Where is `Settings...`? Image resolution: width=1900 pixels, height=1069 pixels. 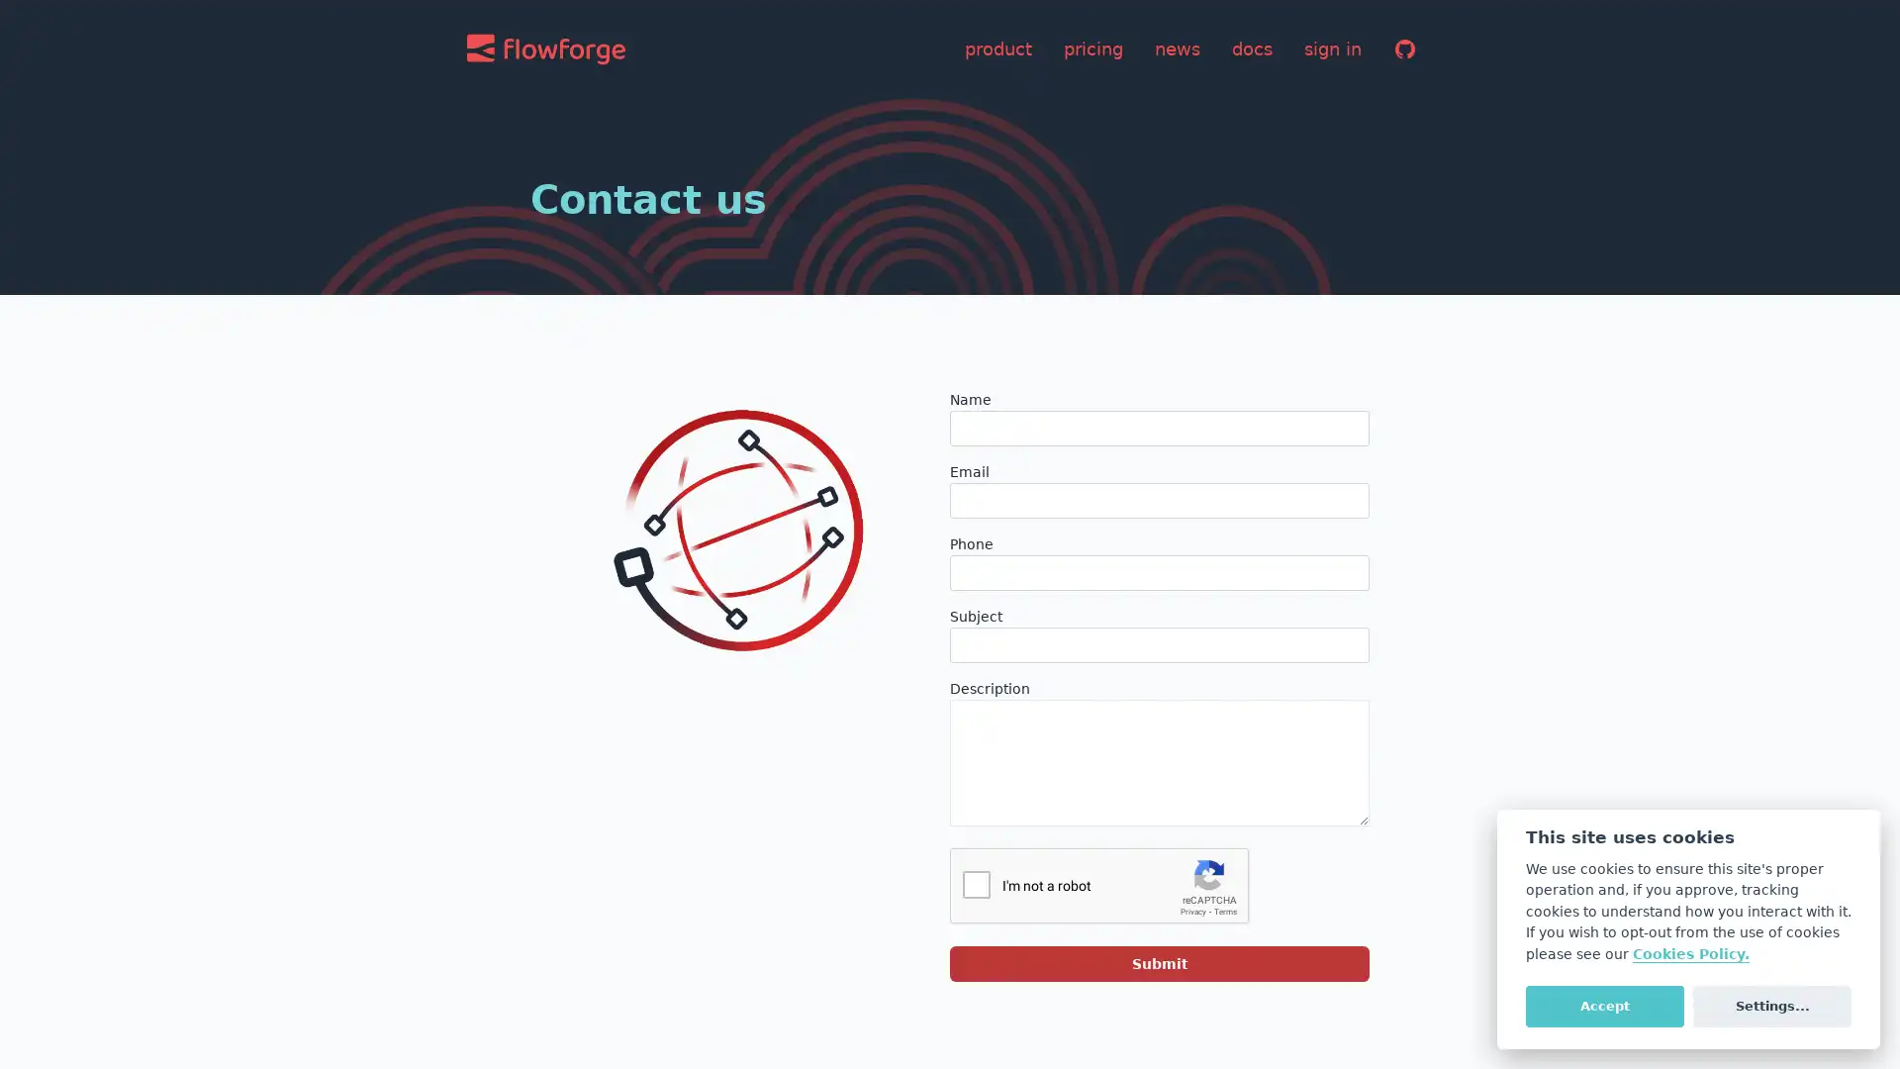
Settings... is located at coordinates (1771, 1005).